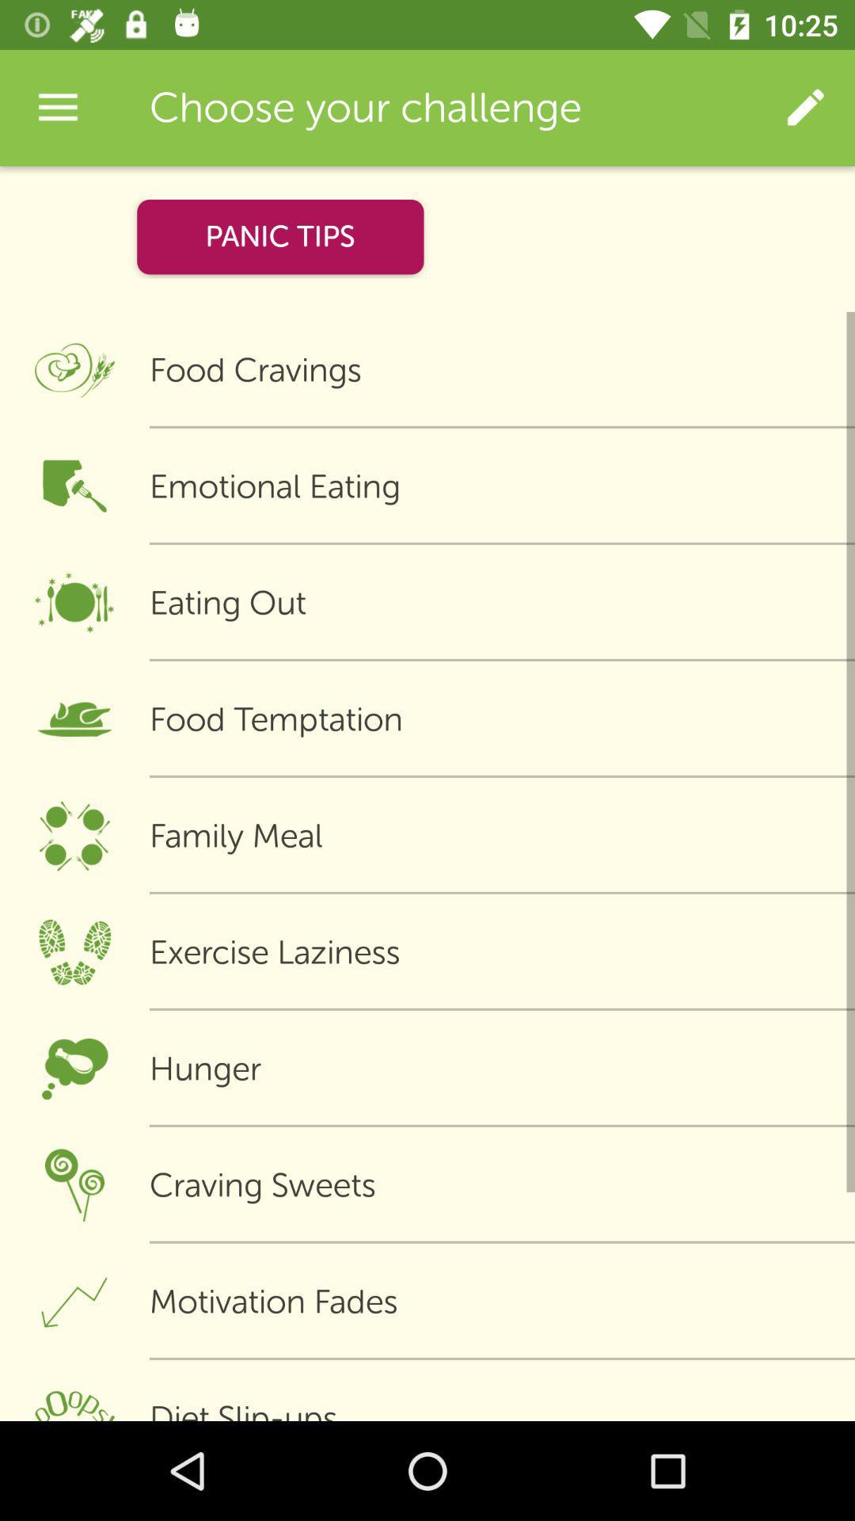 The width and height of the screenshot is (855, 1521). Describe the element at coordinates (279, 236) in the screenshot. I see `the icon below the choose your challenge icon` at that location.